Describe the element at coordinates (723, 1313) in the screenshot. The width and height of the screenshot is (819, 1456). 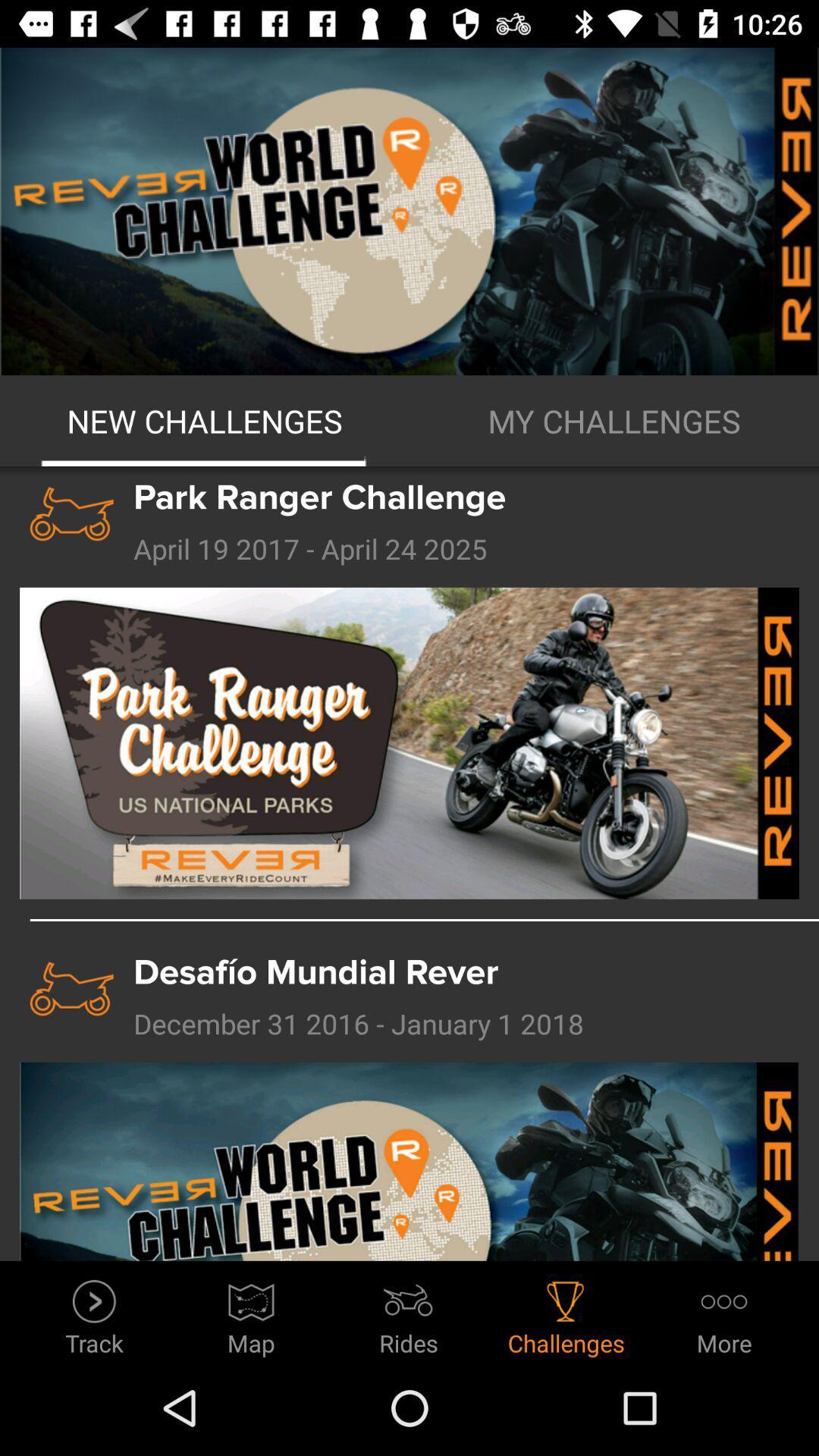
I see `the more item` at that location.